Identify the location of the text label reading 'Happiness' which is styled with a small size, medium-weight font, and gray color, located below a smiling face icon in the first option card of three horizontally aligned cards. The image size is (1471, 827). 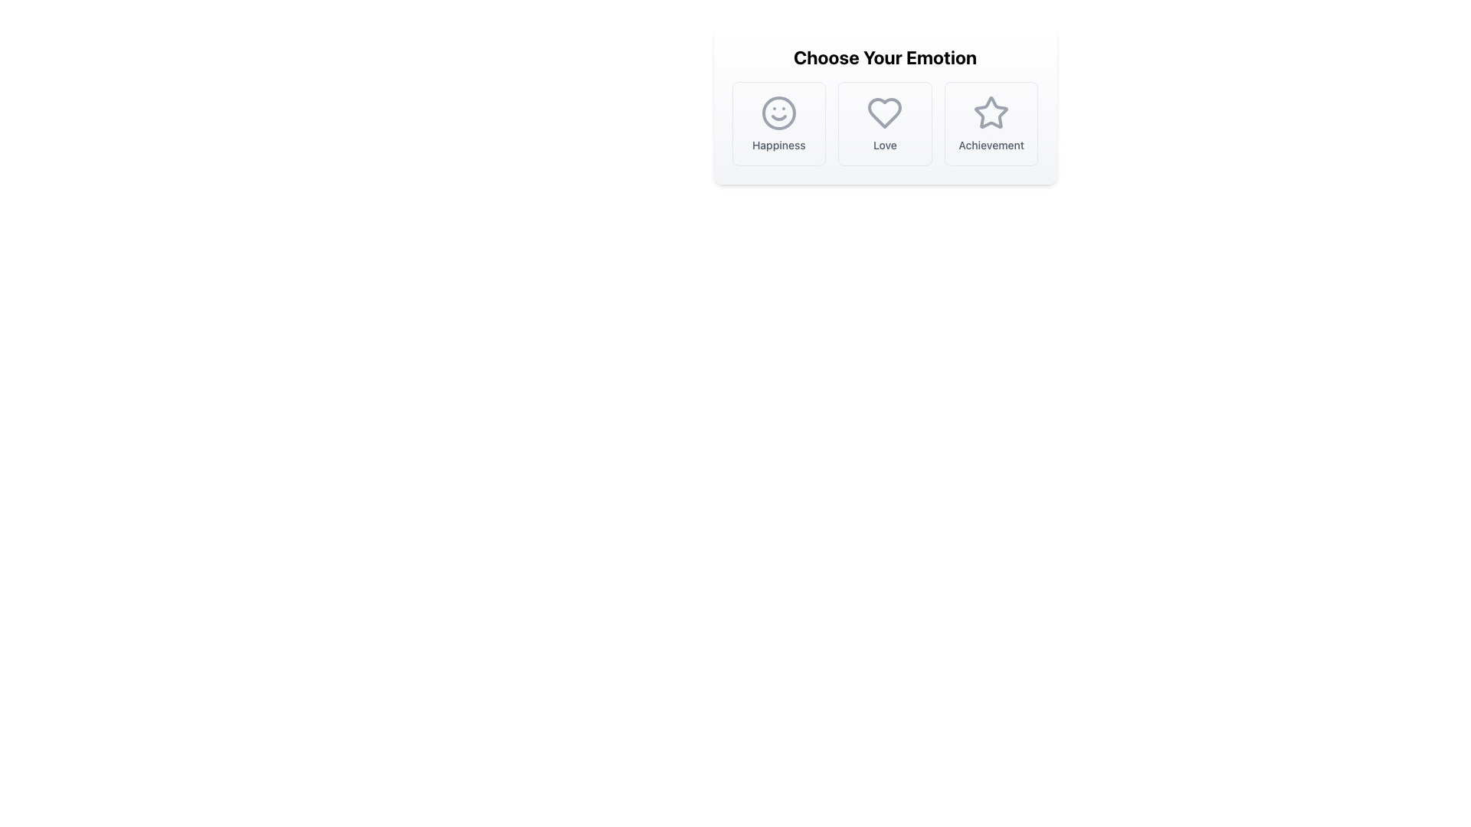
(778, 145).